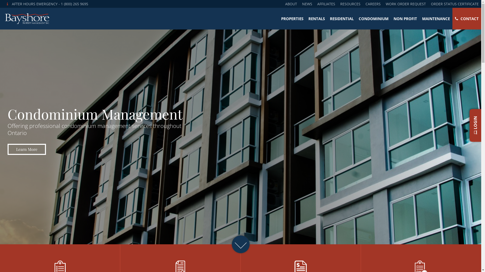  Describe the element at coordinates (305, 18) in the screenshot. I see `'RENTALS'` at that location.